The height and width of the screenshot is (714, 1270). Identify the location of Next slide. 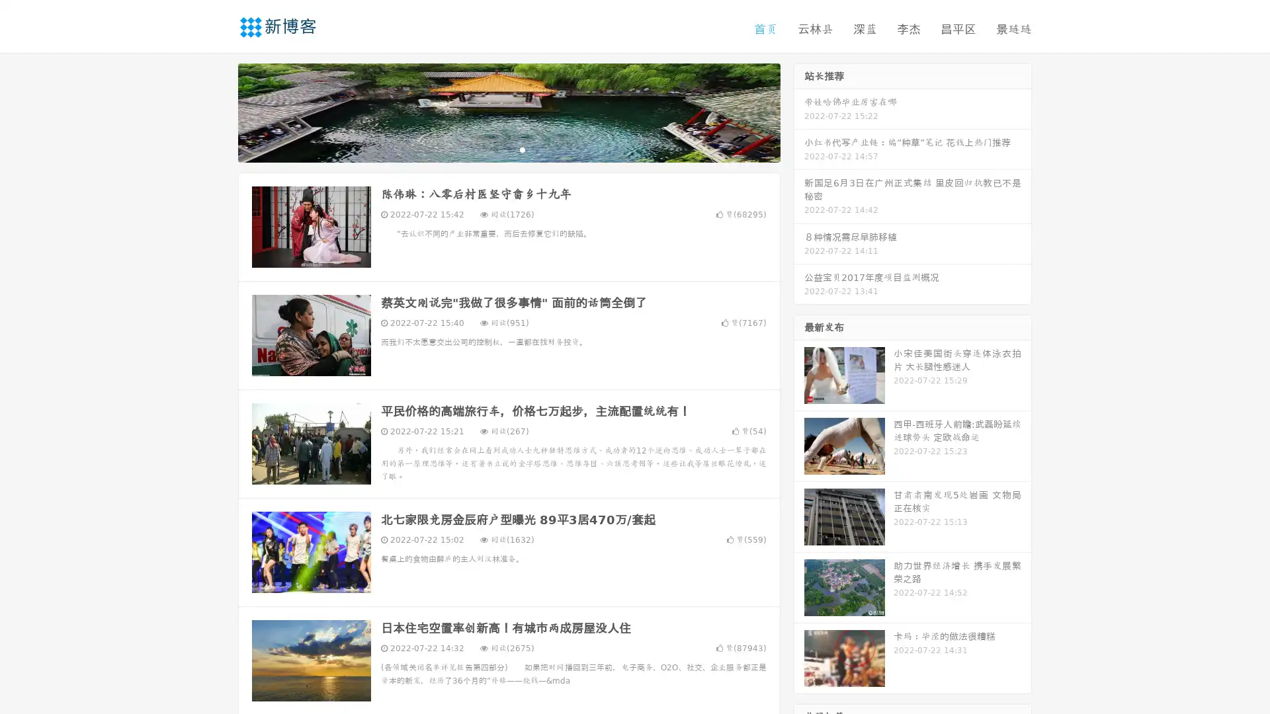
(799, 111).